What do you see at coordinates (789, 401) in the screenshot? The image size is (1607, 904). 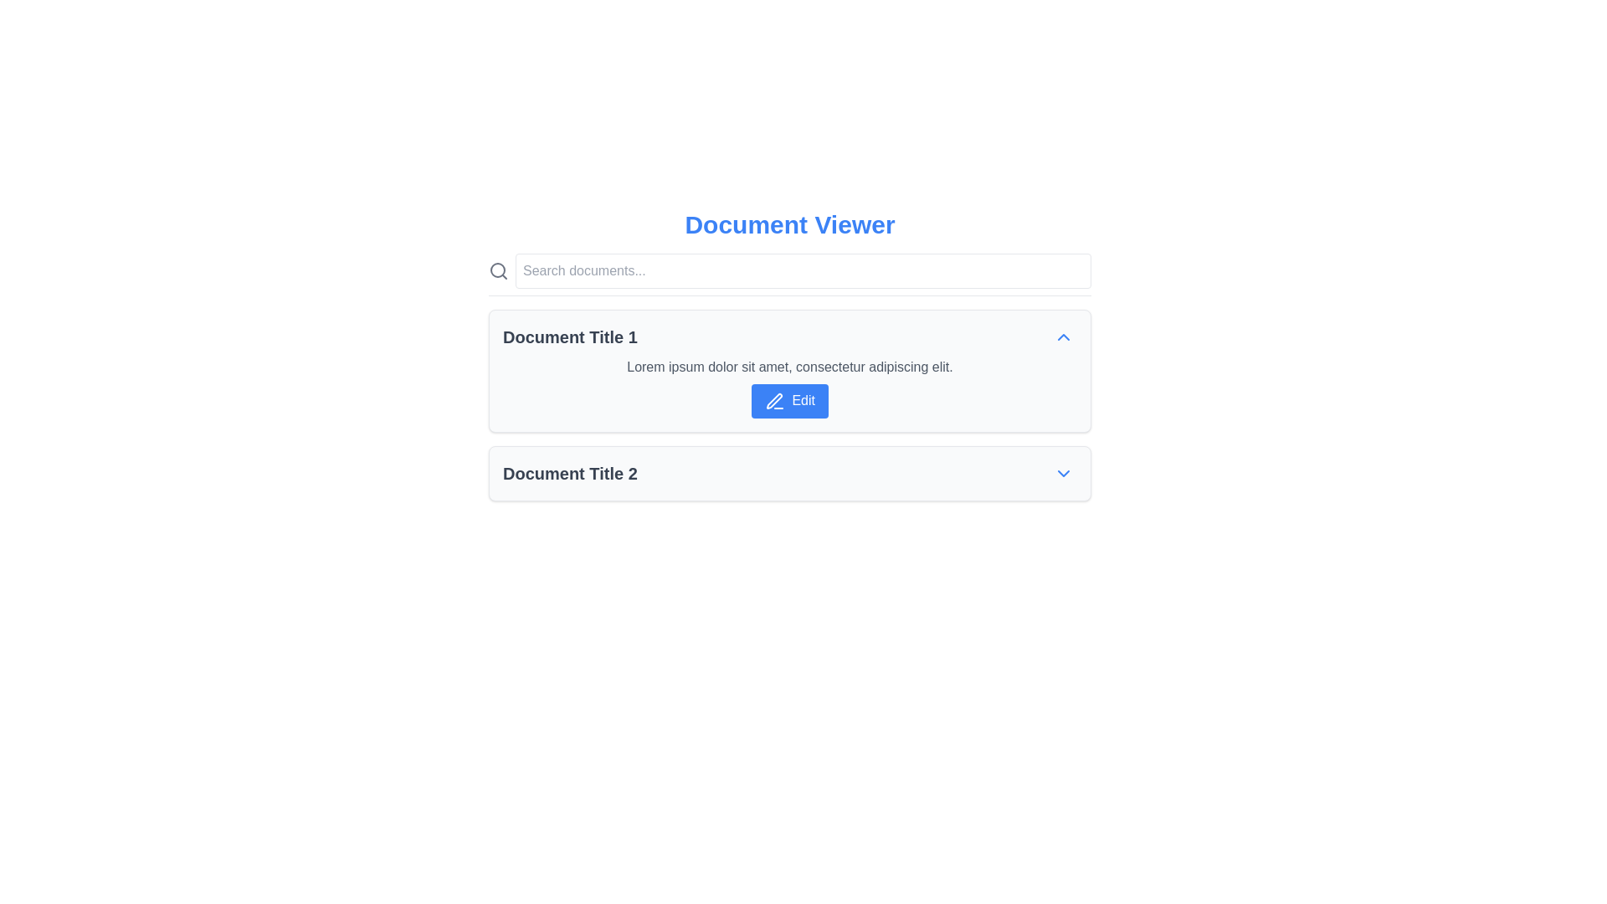 I see `the 'Edit' button with a blue background and white text, located within the 'Document Title 1' card` at bounding box center [789, 401].